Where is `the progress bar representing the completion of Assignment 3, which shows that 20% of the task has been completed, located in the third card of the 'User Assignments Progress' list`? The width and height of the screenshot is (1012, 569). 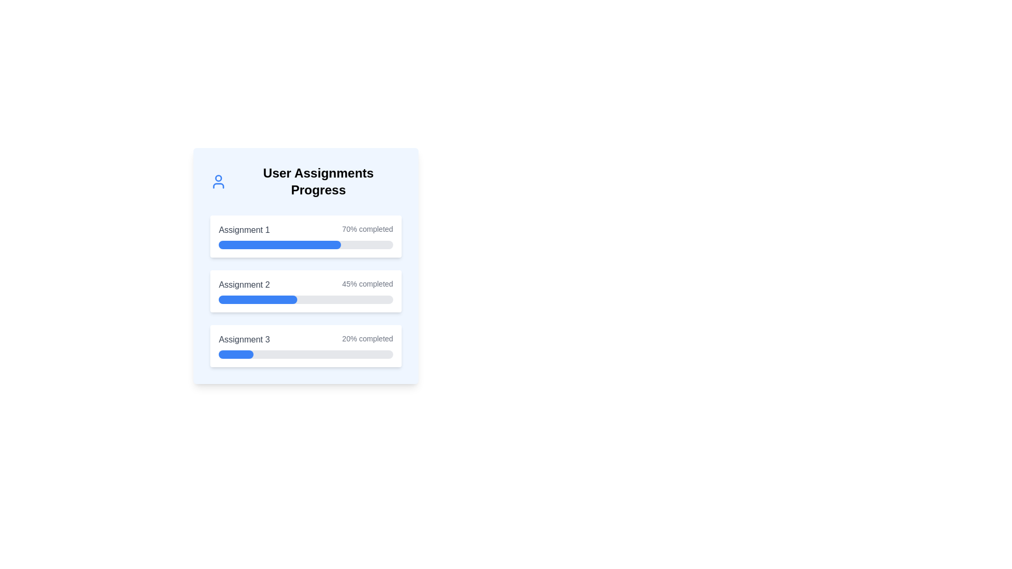
the progress bar representing the completion of Assignment 3, which shows that 20% of the task has been completed, located in the third card of the 'User Assignments Progress' list is located at coordinates (305, 354).